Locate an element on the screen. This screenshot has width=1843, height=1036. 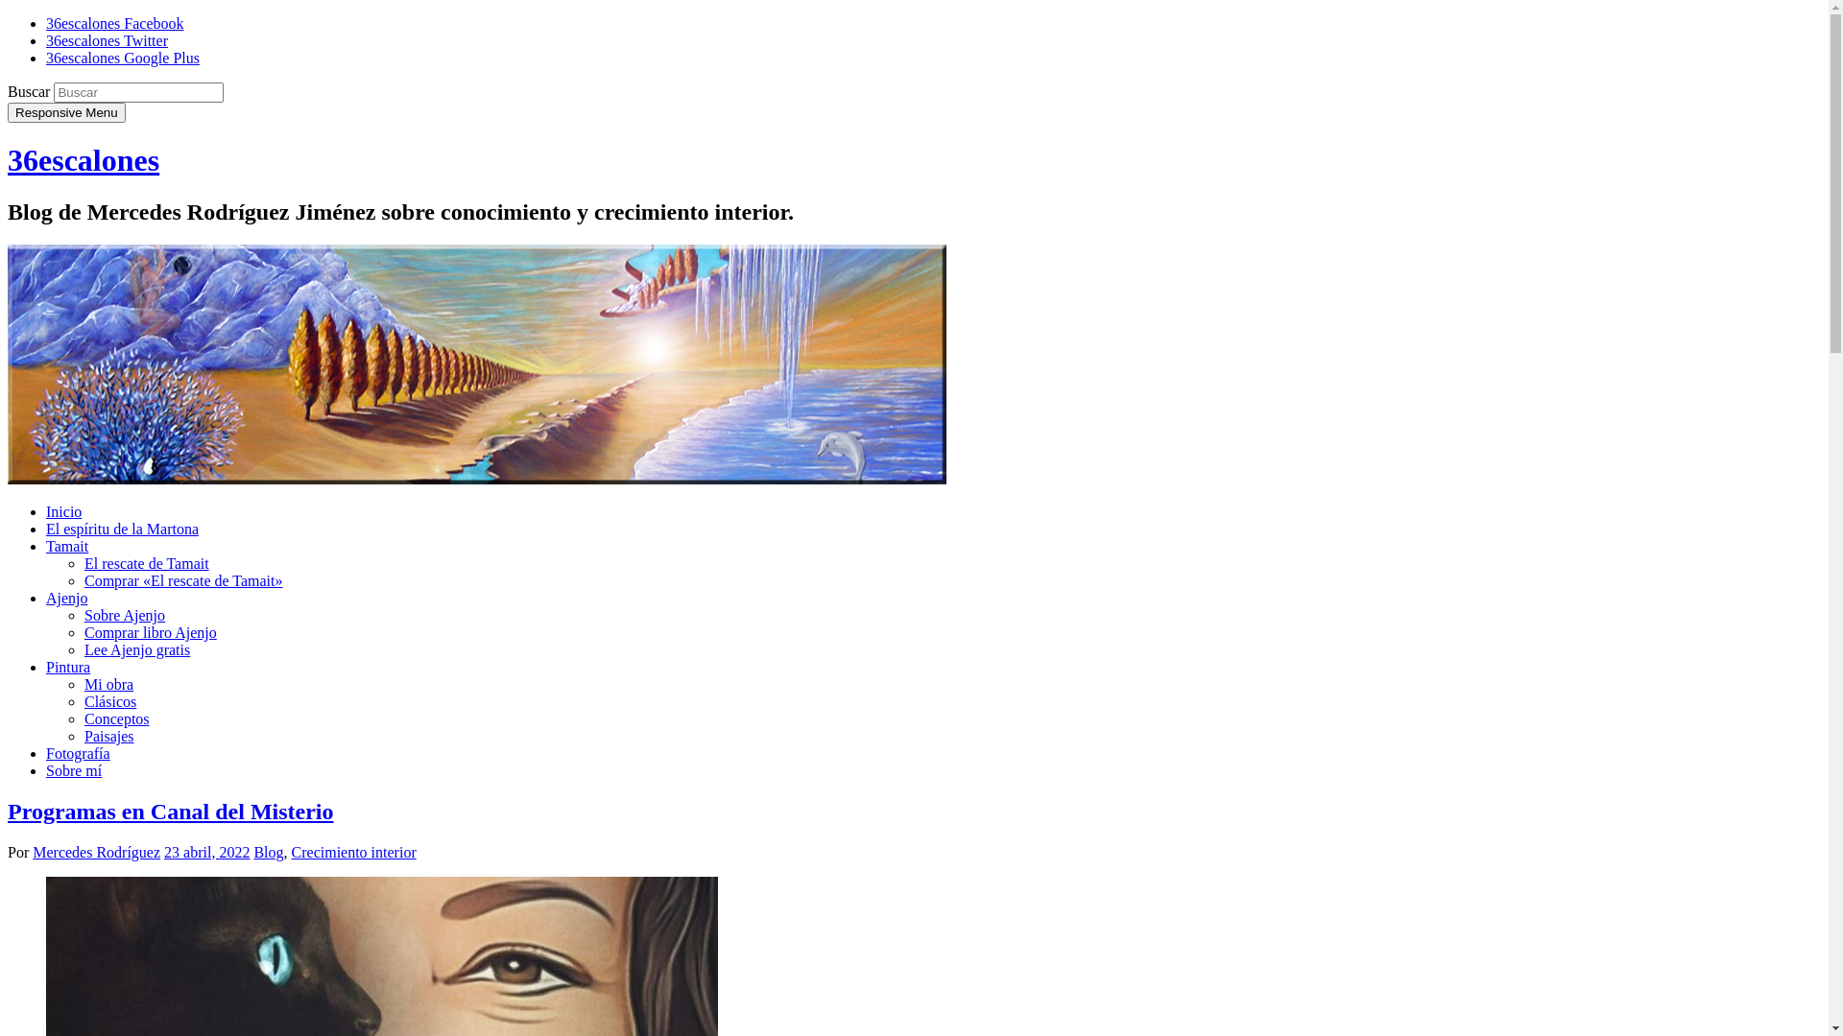
'36escalones' is located at coordinates (477, 478).